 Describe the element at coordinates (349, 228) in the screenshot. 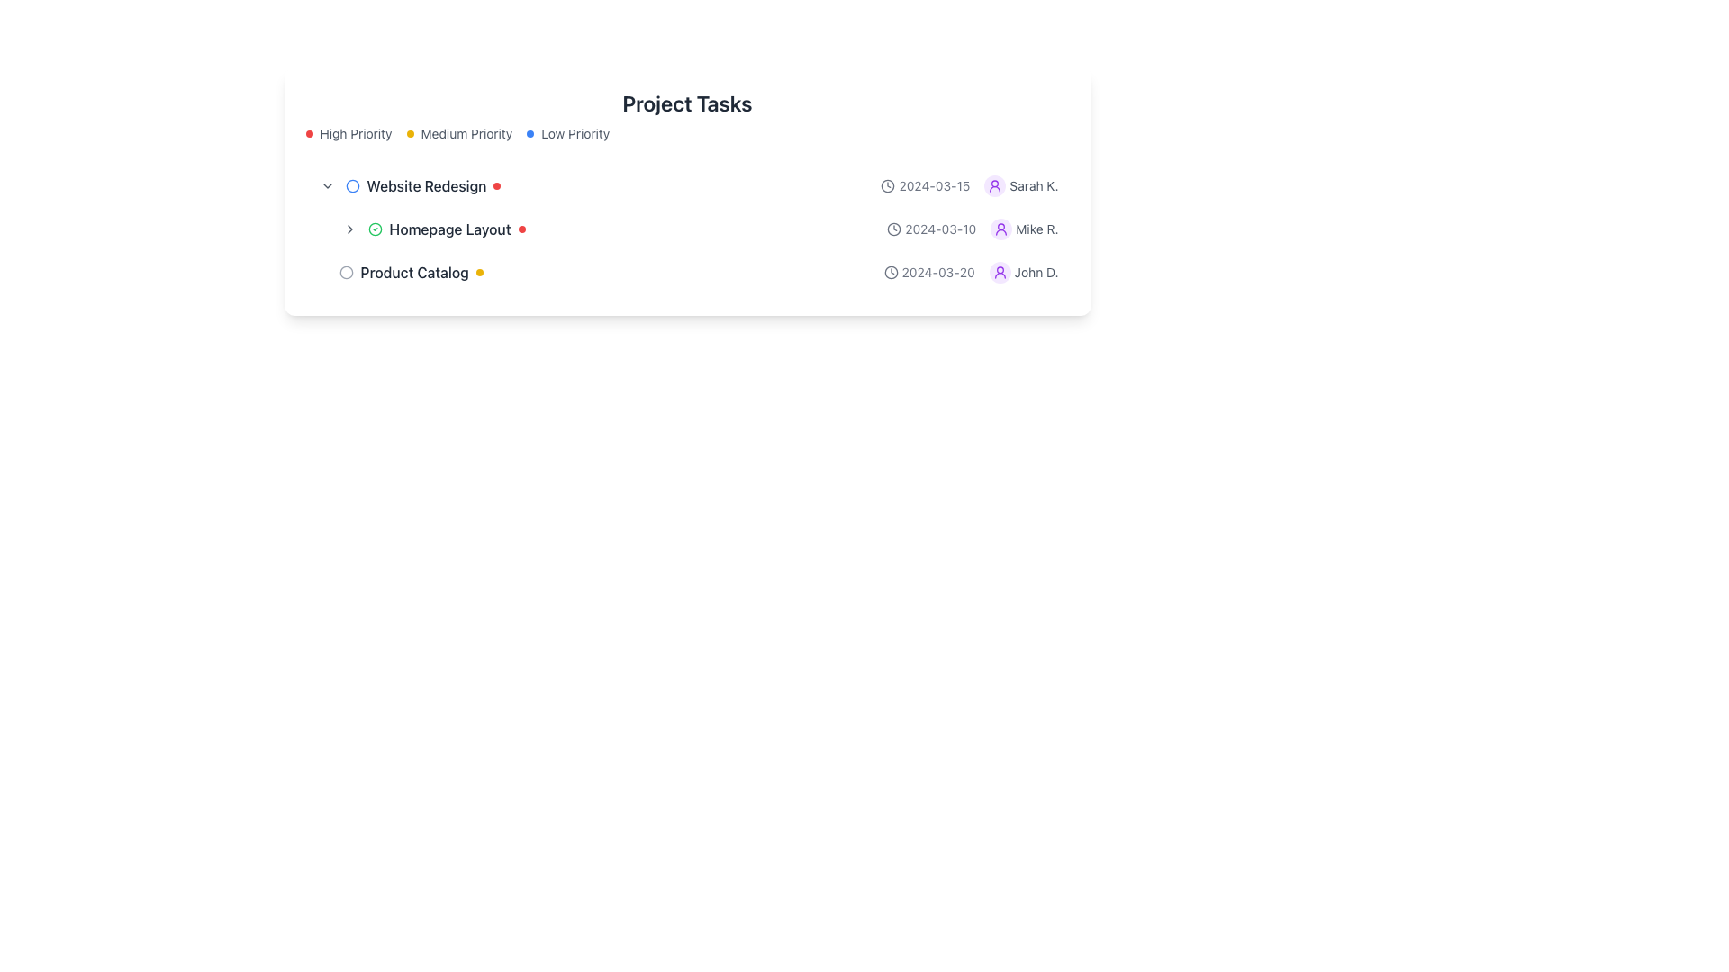

I see `the right-pointing chevron icon, styled with a gray stroke and no fill, located to the left of the 'Homepage Layout' entry under the 'Website Redesign' heading` at that location.